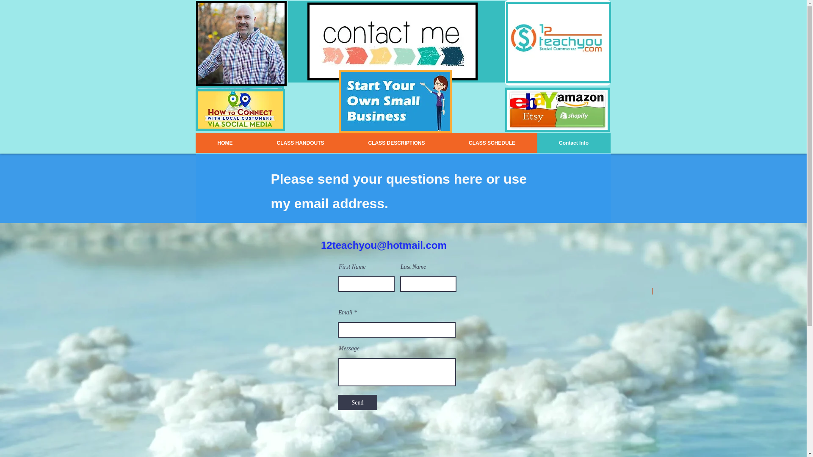 This screenshot has height=457, width=813. I want to click on 'Nick Hawks.jpg', so click(241, 44).